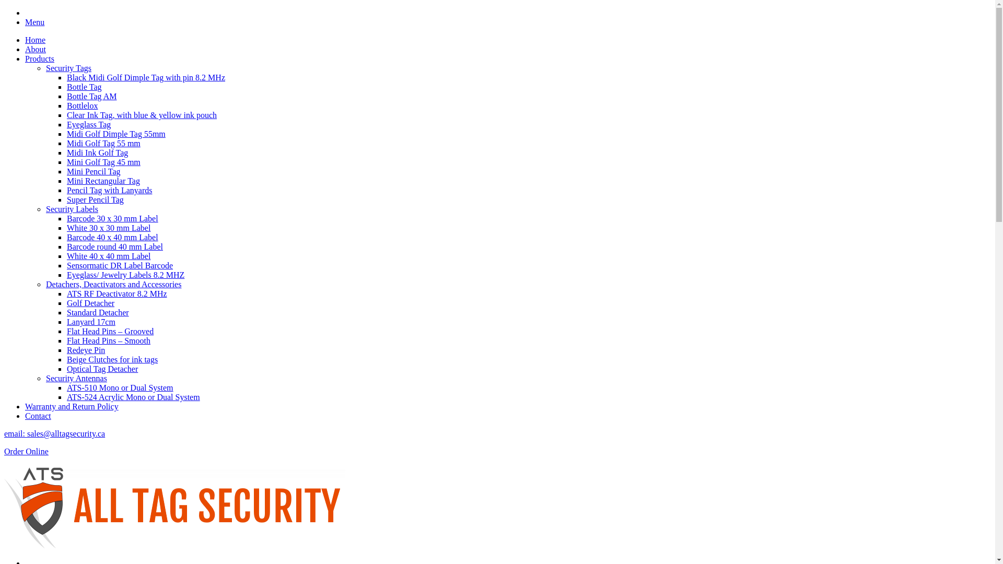  I want to click on 'Menu', so click(34, 22).